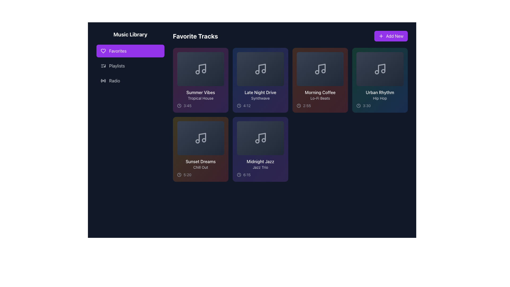 The image size is (510, 287). Describe the element at coordinates (200, 167) in the screenshot. I see `the textual label 'Chill Out' styled in a small gray font, located under the title 'Sunset Dreams' in the music library interface` at that location.